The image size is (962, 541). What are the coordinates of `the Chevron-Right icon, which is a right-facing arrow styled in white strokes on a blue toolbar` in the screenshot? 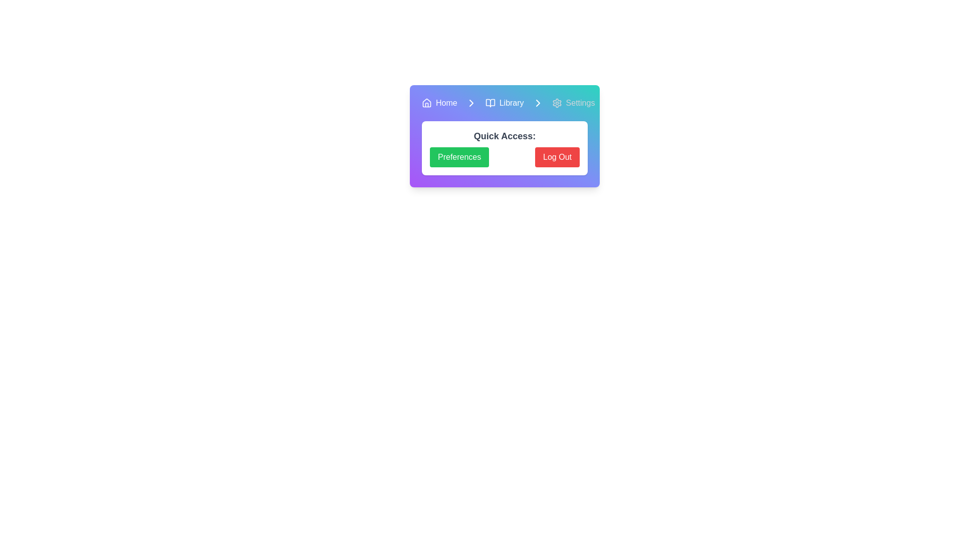 It's located at (537, 103).